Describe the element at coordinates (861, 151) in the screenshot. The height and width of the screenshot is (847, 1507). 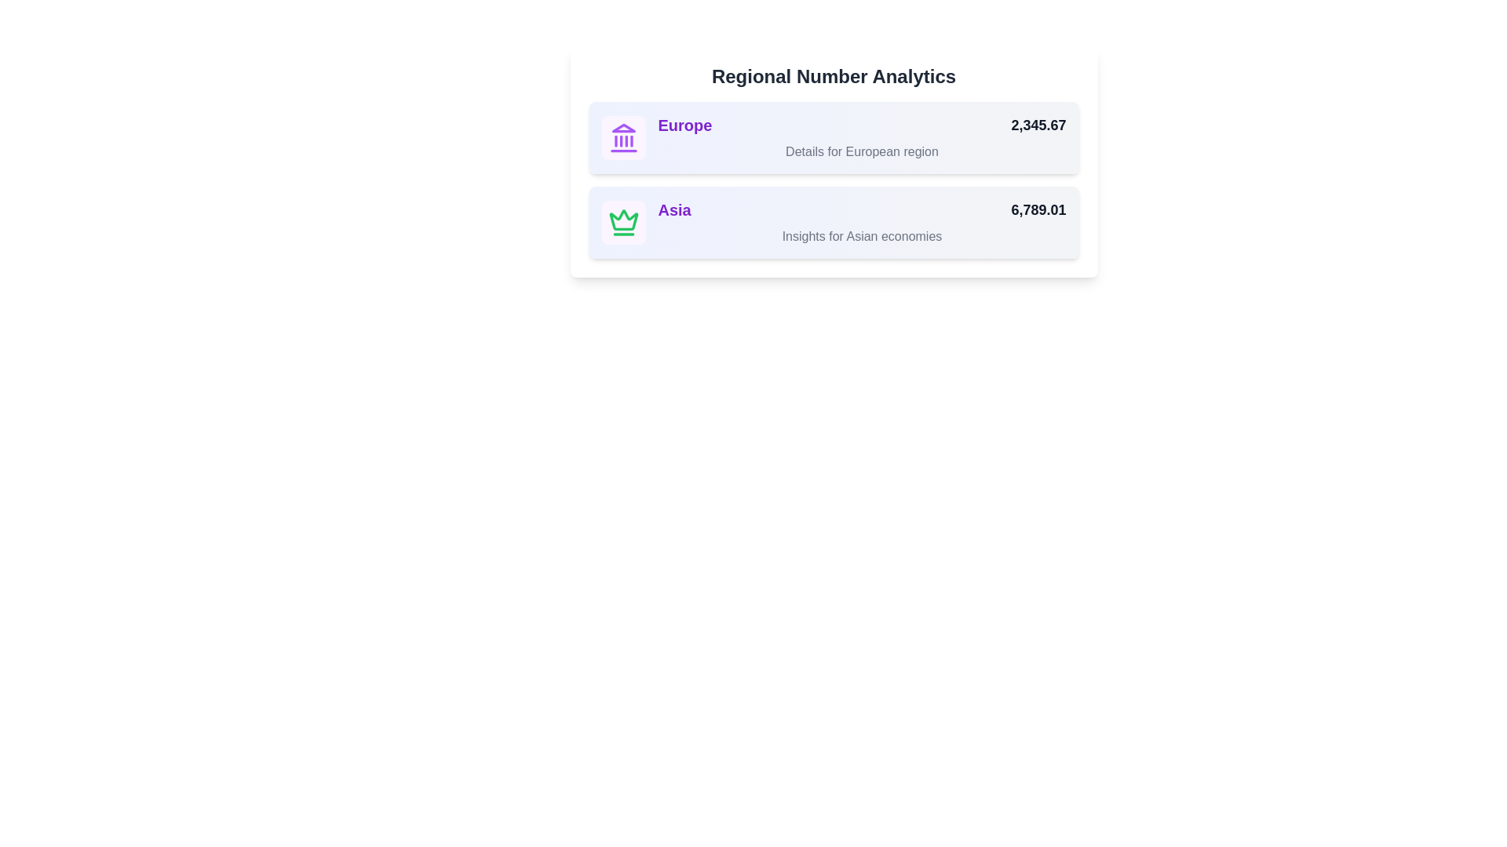
I see `the text label 'Details for European region.' which is styled in light gray font and located below the main heading 'Europe' within the European region card` at that location.